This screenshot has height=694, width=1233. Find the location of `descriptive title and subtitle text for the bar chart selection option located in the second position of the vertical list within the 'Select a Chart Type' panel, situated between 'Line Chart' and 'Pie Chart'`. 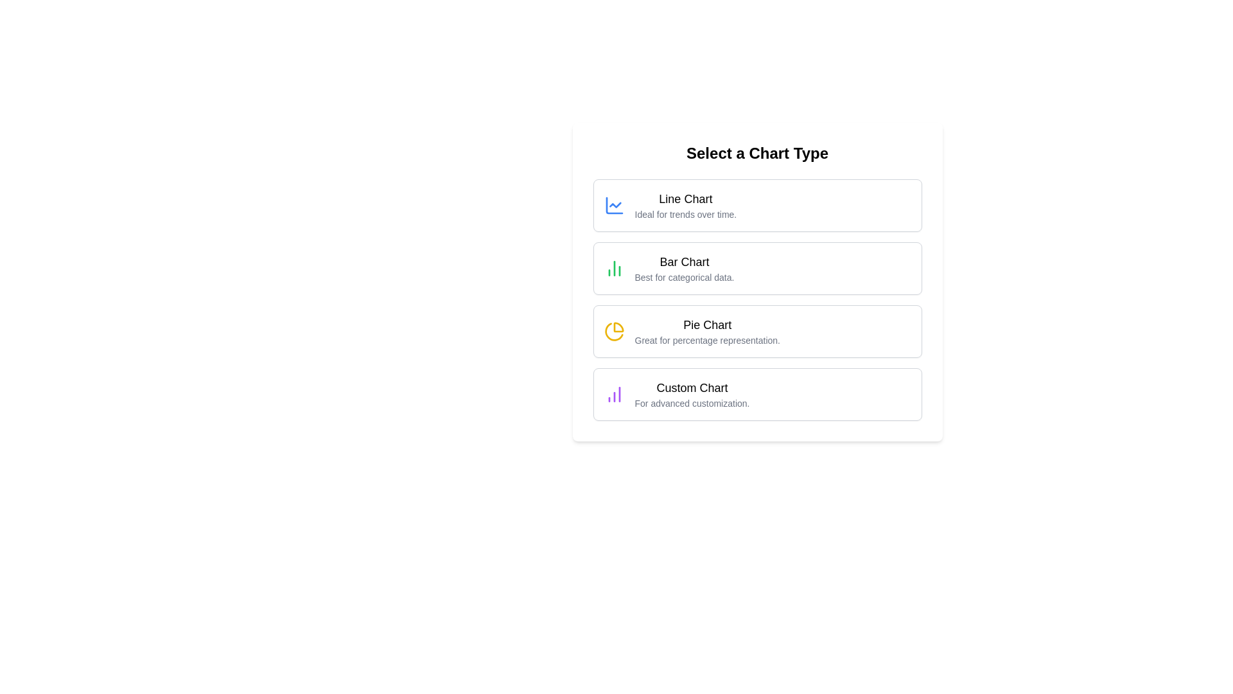

descriptive title and subtitle text for the bar chart selection option located in the second position of the vertical list within the 'Select a Chart Type' panel, situated between 'Line Chart' and 'Pie Chart' is located at coordinates (683, 267).